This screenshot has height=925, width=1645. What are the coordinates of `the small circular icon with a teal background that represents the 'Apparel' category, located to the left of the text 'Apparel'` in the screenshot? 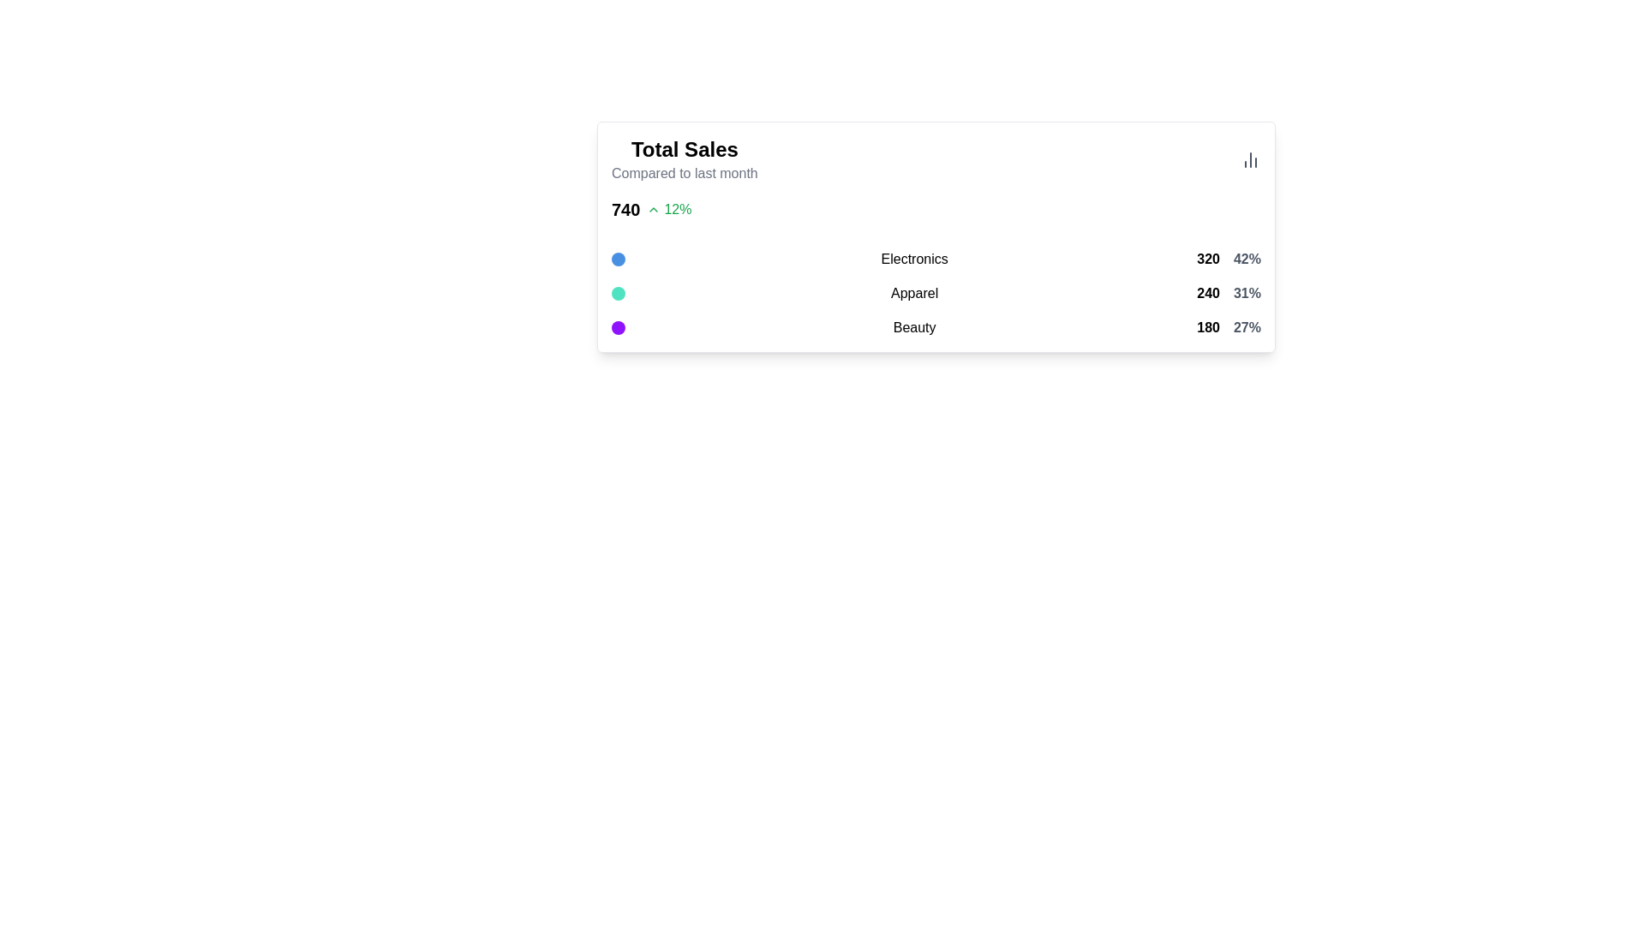 It's located at (617, 293).